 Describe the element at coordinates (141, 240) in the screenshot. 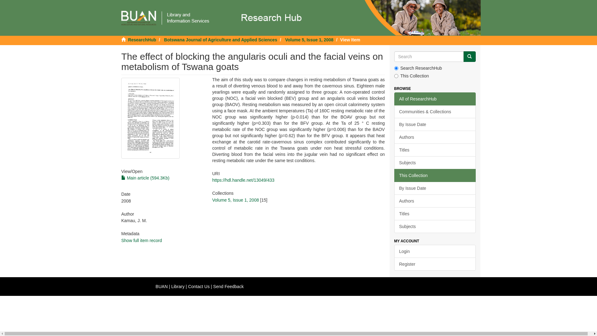

I see `'Show full item record'` at that location.